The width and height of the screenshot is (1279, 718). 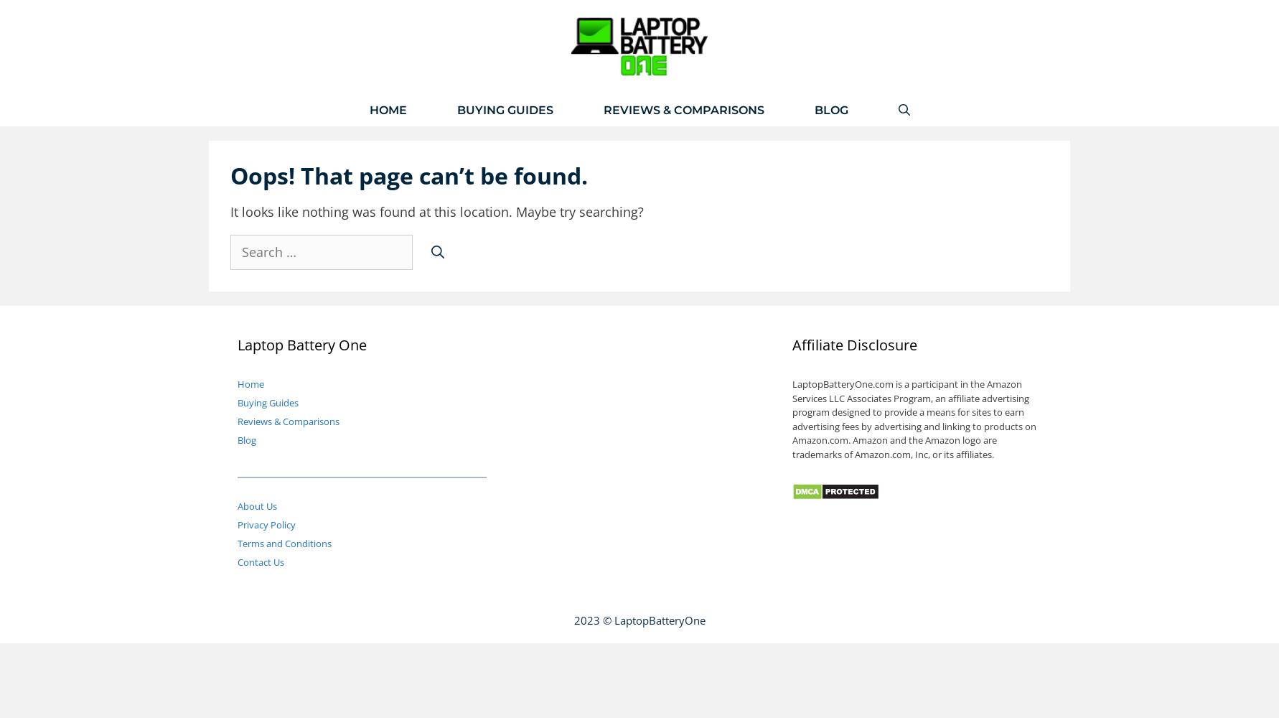 What do you see at coordinates (409, 174) in the screenshot?
I see `'Oops! That page can’t be found.'` at bounding box center [409, 174].